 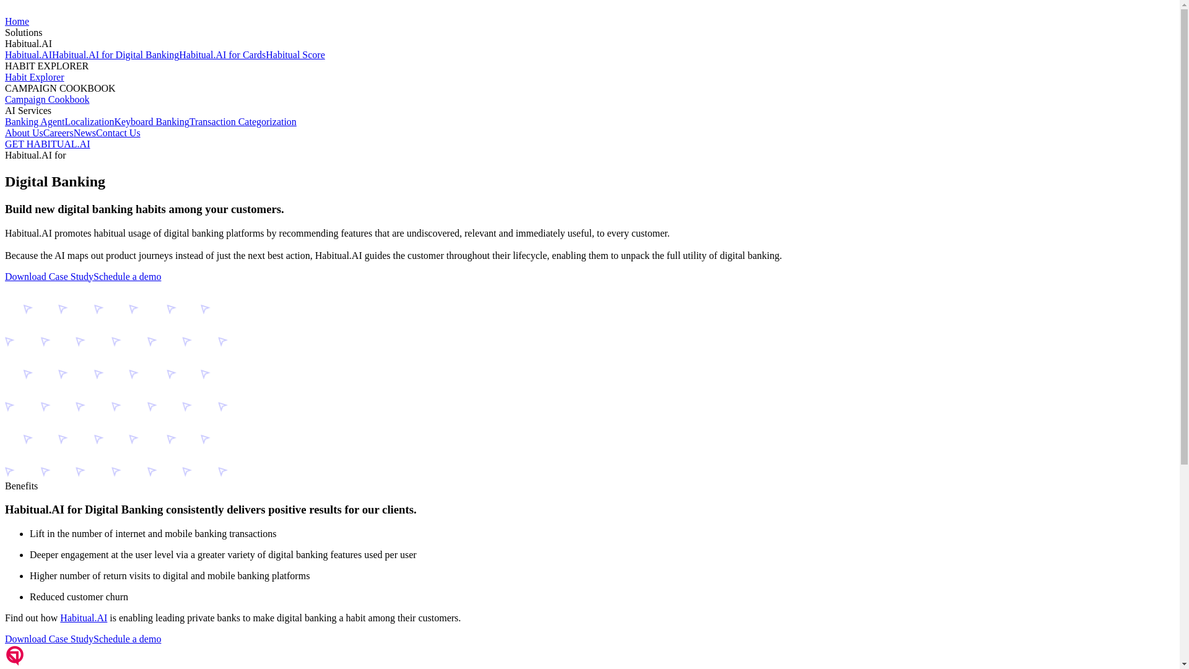 What do you see at coordinates (47, 98) in the screenshot?
I see `'Campaign Cookbook'` at bounding box center [47, 98].